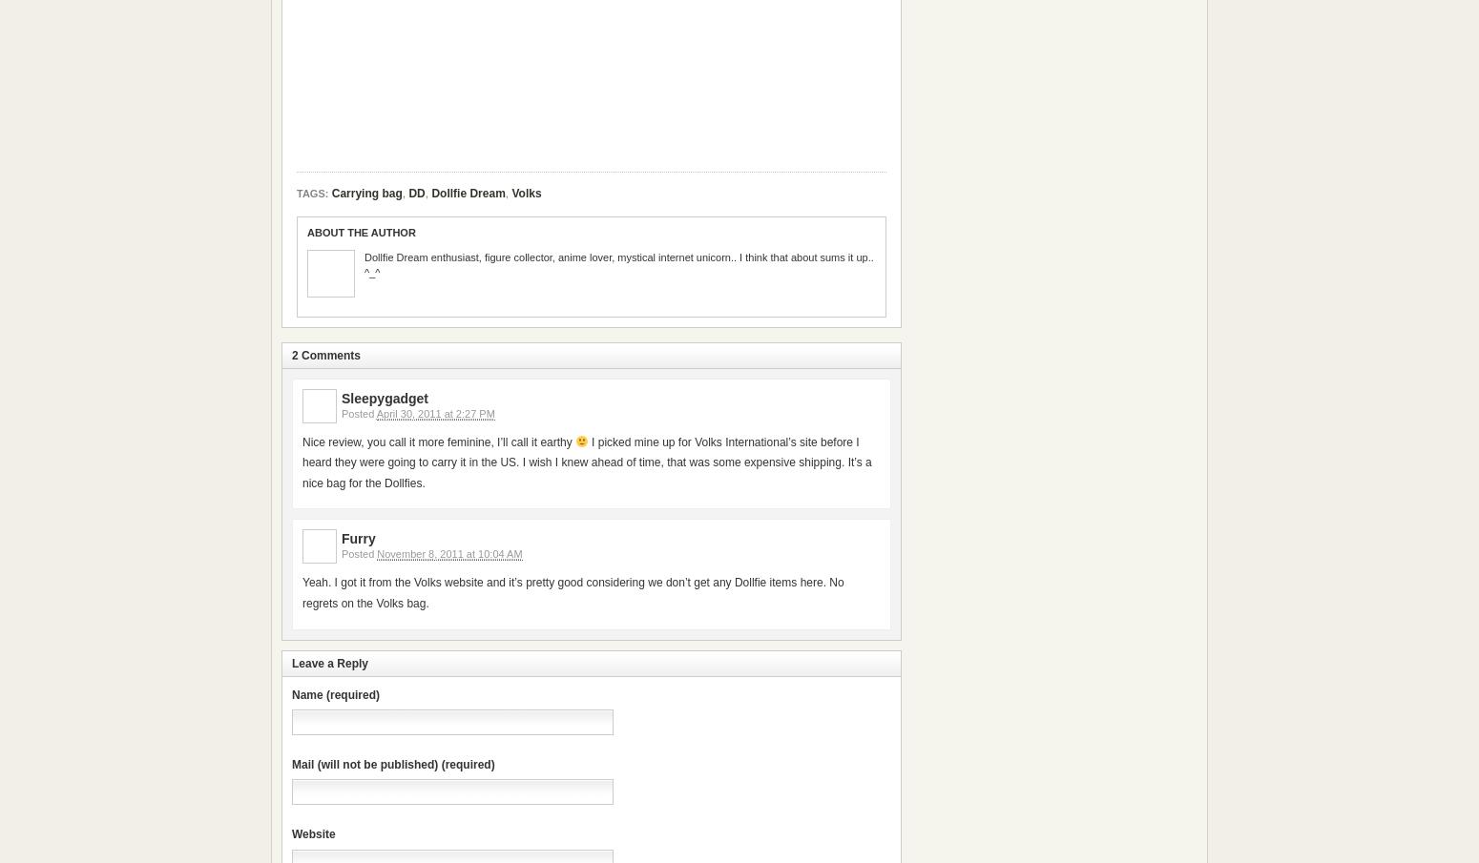 The image size is (1479, 863). I want to click on 'Sleepygadget', so click(385, 397).